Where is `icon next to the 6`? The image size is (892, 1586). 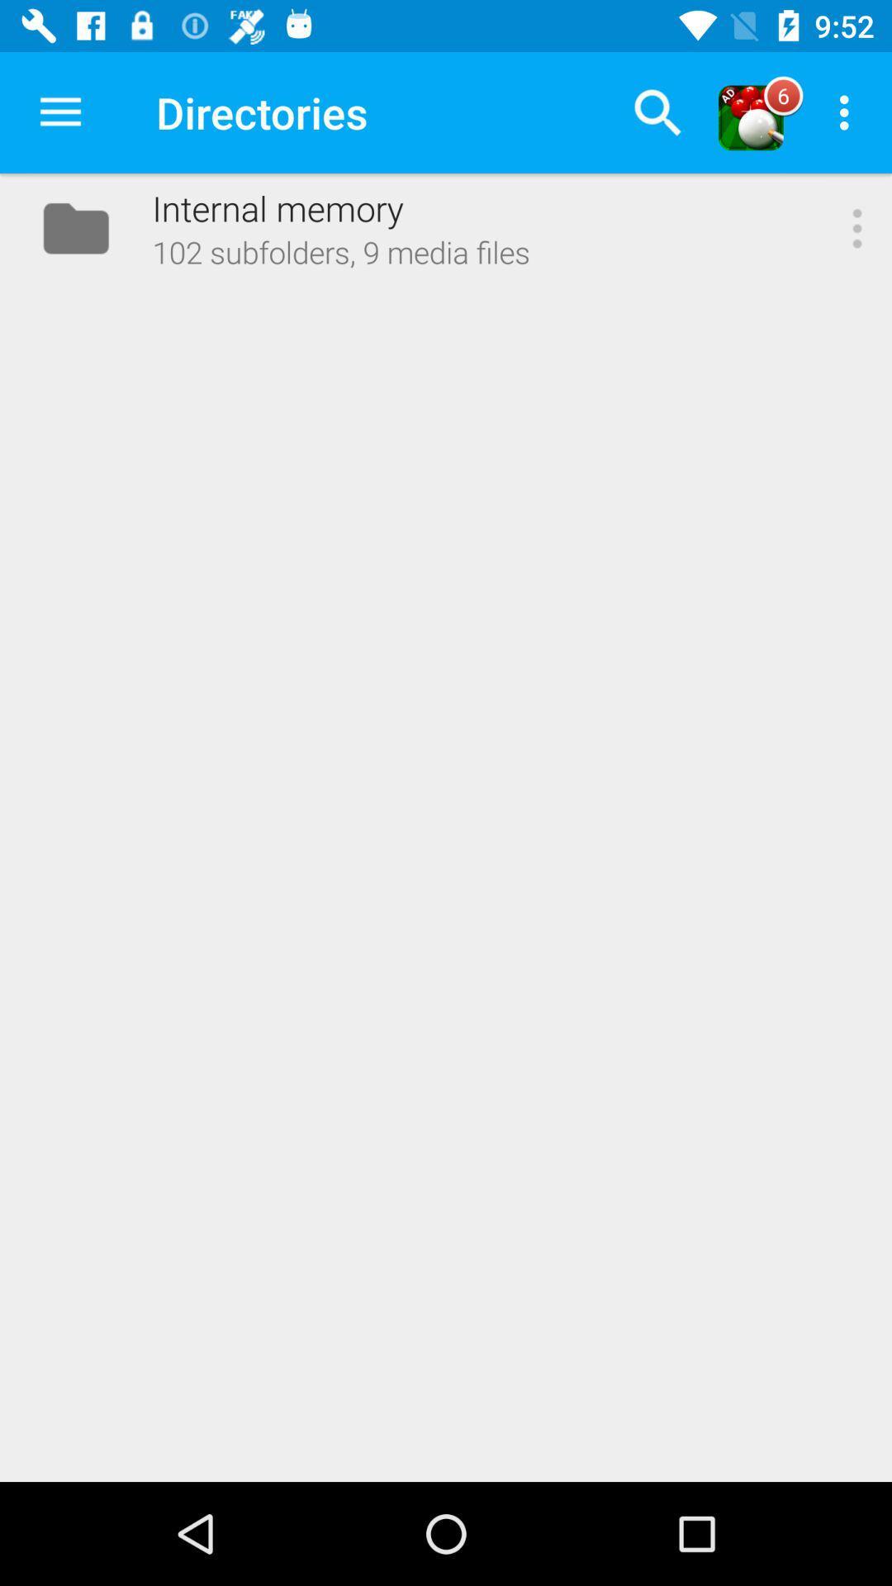 icon next to the 6 is located at coordinates (848, 112).